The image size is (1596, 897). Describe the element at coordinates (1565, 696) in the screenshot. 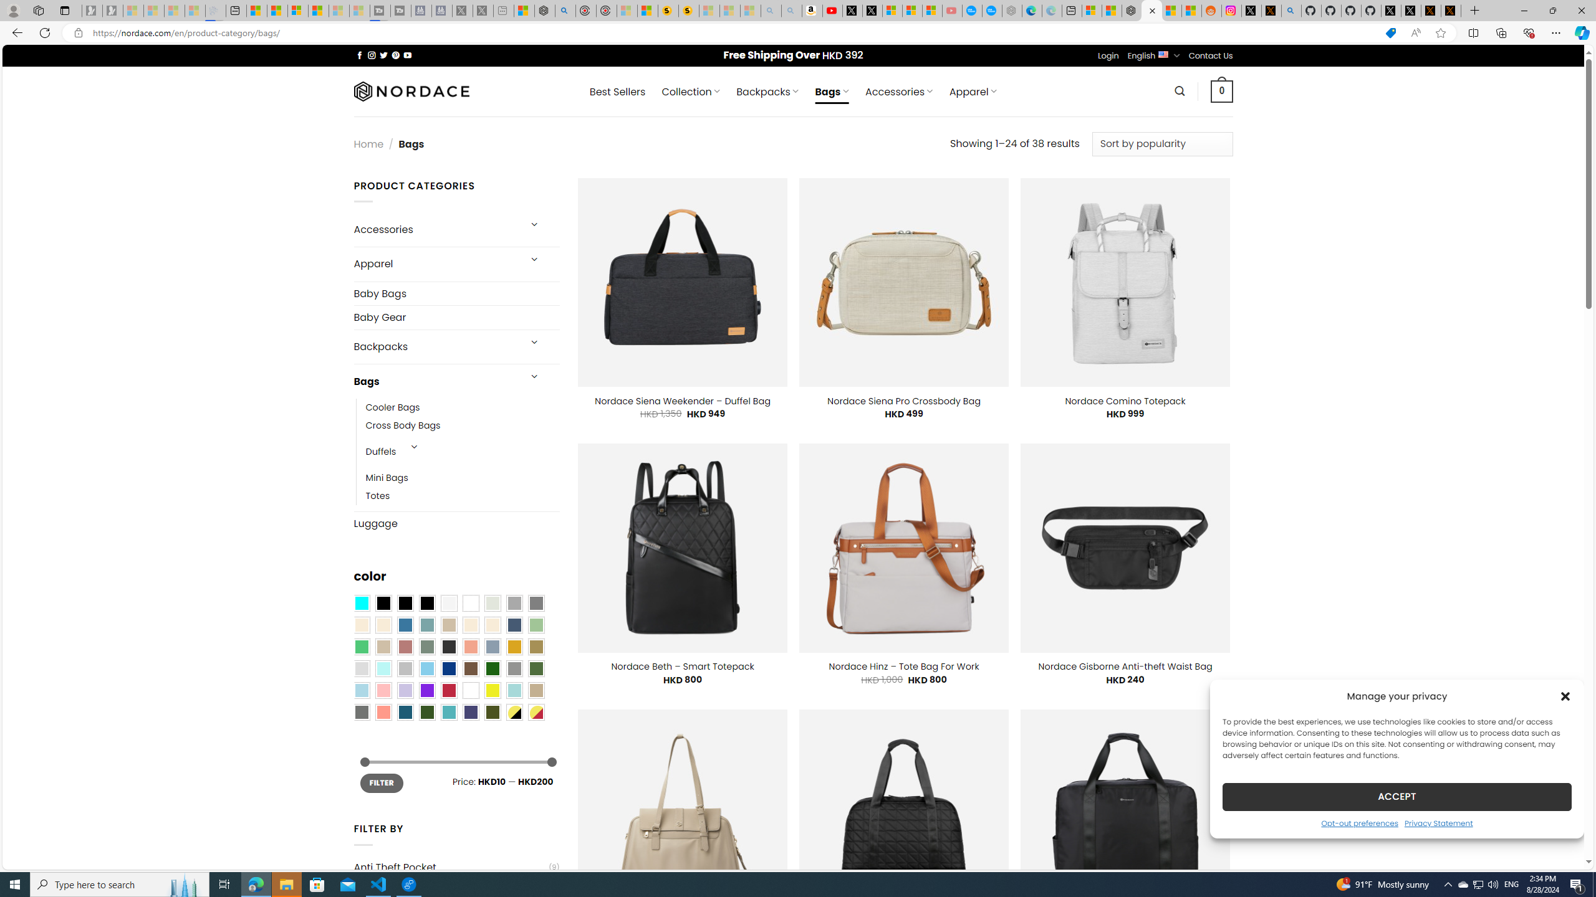

I see `'Class: cmplz-close'` at that location.